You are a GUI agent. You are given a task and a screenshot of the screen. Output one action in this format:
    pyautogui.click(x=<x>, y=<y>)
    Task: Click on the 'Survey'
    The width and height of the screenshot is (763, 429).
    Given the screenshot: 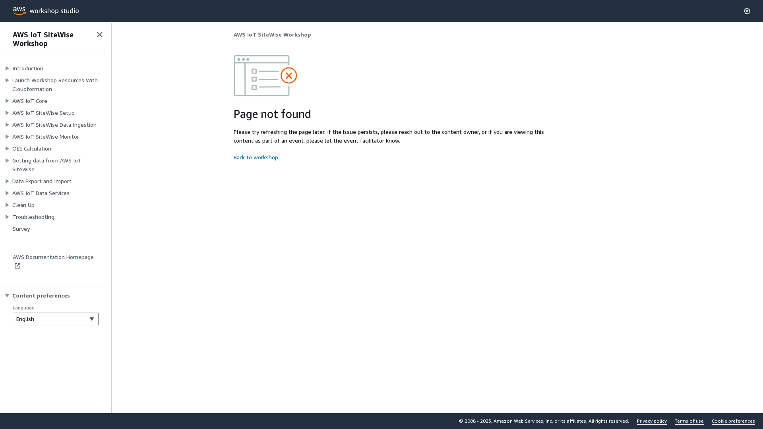 What is the action you would take?
    pyautogui.click(x=21, y=228)
    